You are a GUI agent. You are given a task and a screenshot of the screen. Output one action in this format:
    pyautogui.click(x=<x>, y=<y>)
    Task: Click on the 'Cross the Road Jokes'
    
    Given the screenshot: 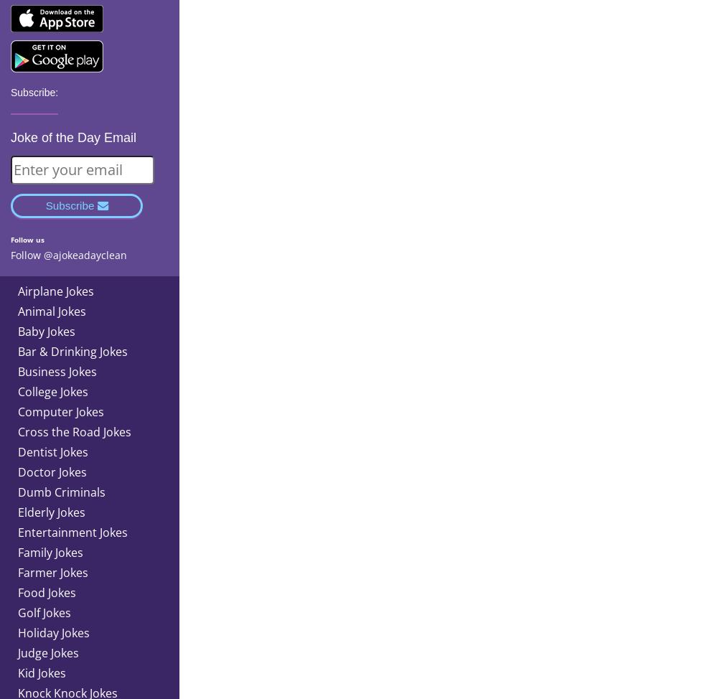 What is the action you would take?
    pyautogui.click(x=75, y=430)
    